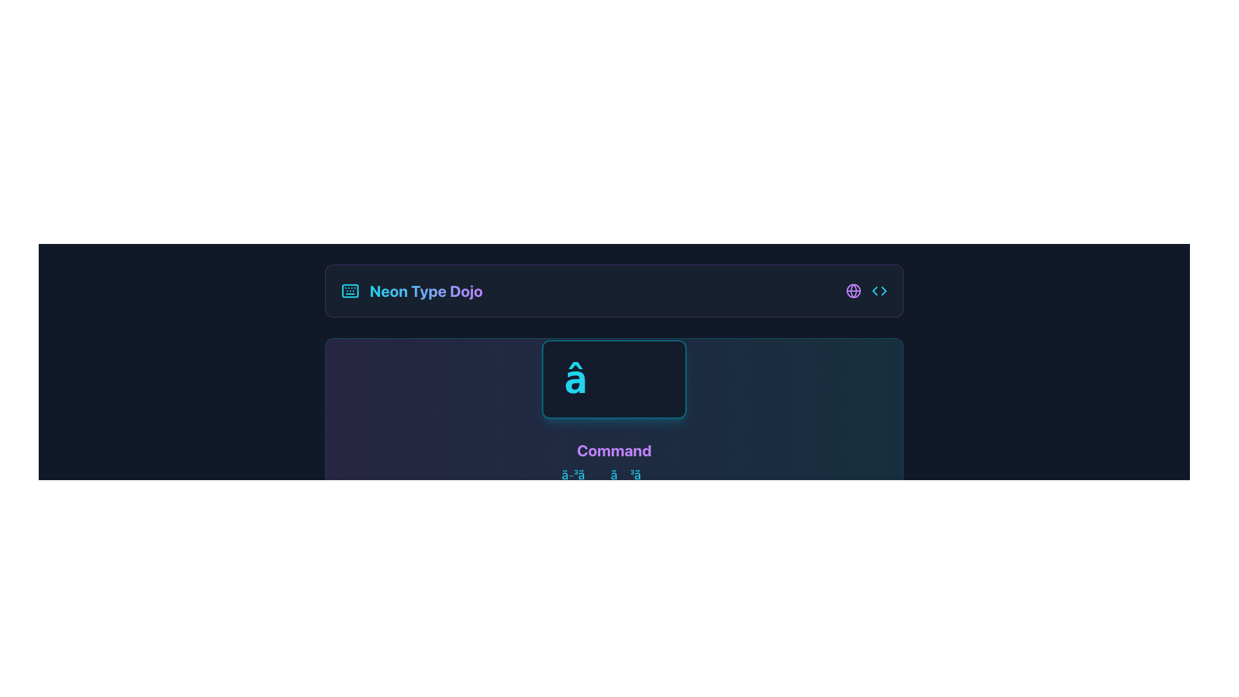 This screenshot has height=697, width=1239. I want to click on the second icon, which is the cyan code symbol, in the compact horizontal group of icons located at the top right of the header section, so click(867, 291).